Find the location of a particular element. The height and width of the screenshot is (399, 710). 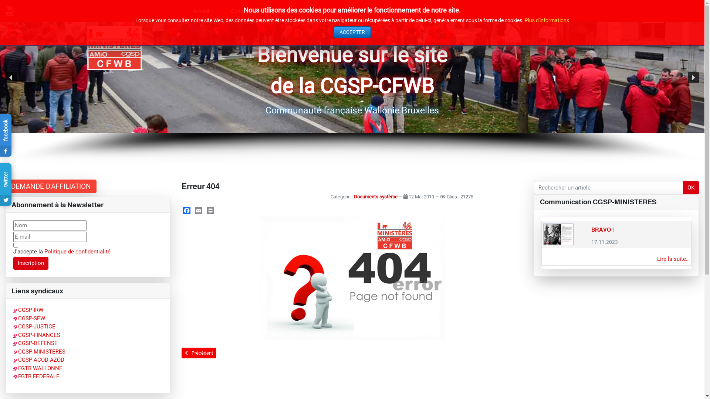

' CGSP-SPW' is located at coordinates (29, 318).